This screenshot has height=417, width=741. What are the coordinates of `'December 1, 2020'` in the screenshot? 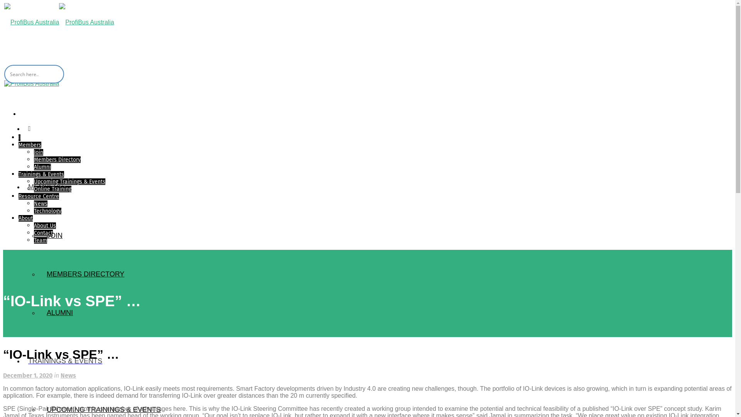 It's located at (28, 375).